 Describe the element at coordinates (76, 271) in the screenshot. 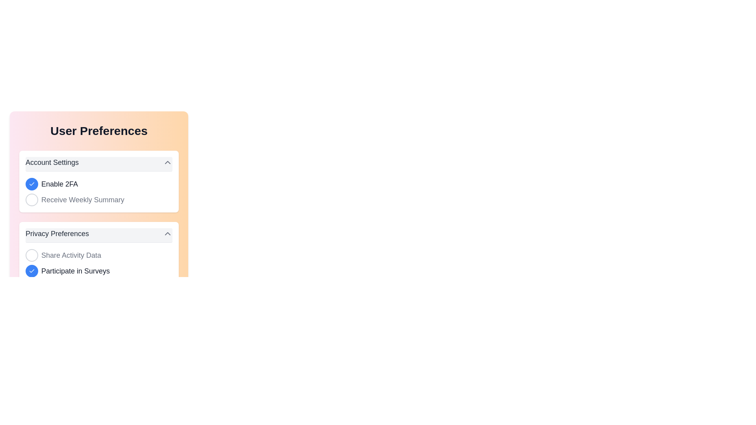

I see `the text label in the 'Privacy Preferences' section that identifies the checkbox for enabling or disabling survey participation, located directly to the right of a blue circular checkbox, which is the second option in this section` at that location.